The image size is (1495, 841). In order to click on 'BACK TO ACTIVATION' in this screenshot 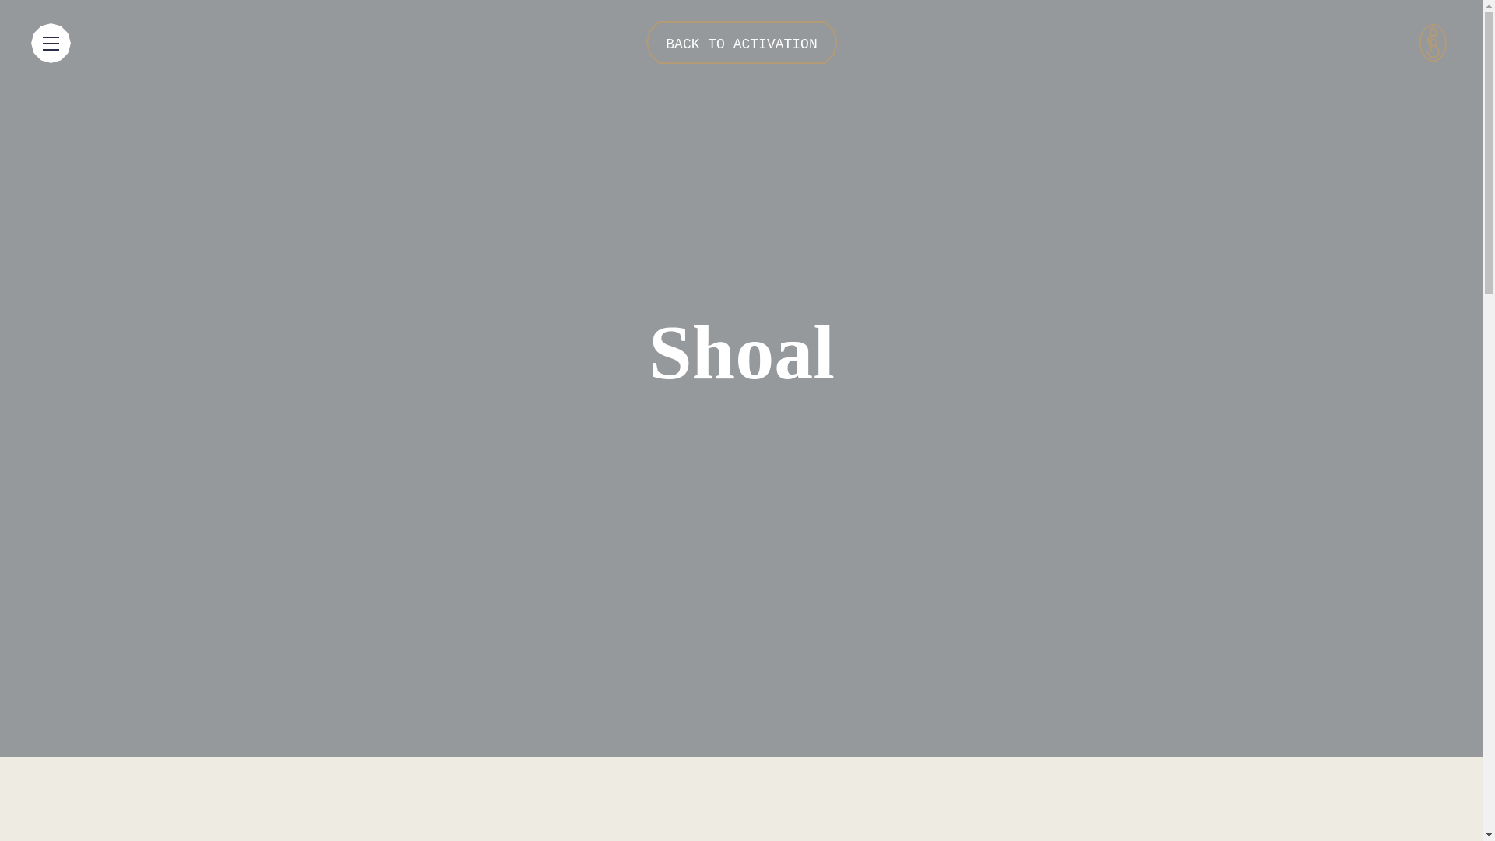, I will do `click(740, 41)`.